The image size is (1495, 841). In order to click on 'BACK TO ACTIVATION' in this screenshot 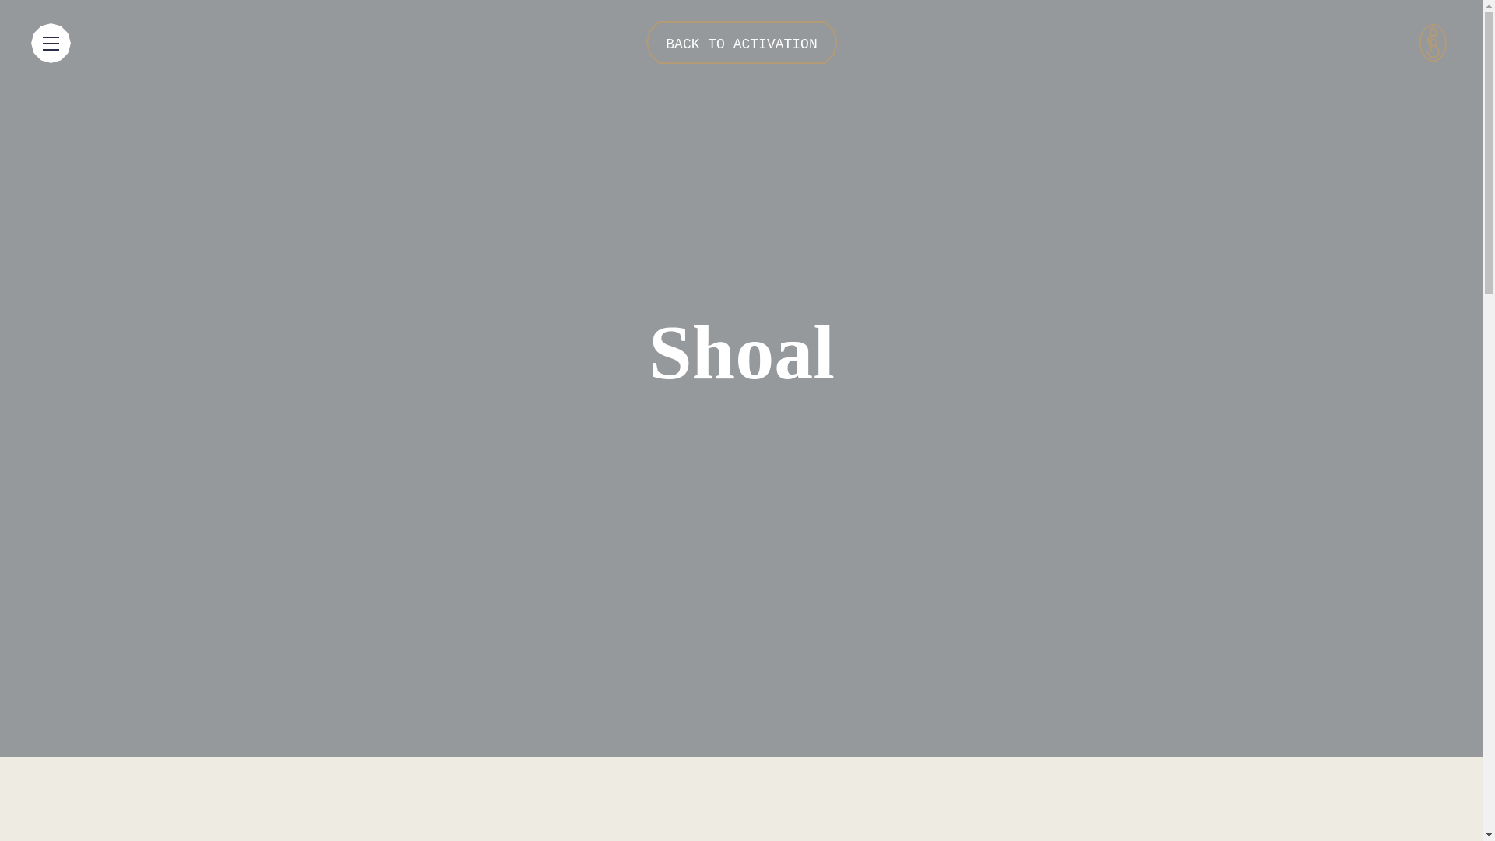, I will do `click(740, 41)`.